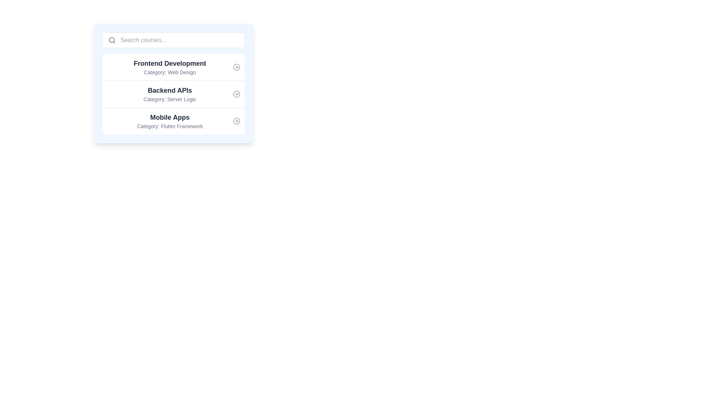 Image resolution: width=710 pixels, height=399 pixels. What do you see at coordinates (173, 93) in the screenshot?
I see `the menu item labeled 'Backend APIs' which is styled with a white background and rounded edges, positioned between 'Frontend Development' and 'Mobile Apps'` at bounding box center [173, 93].